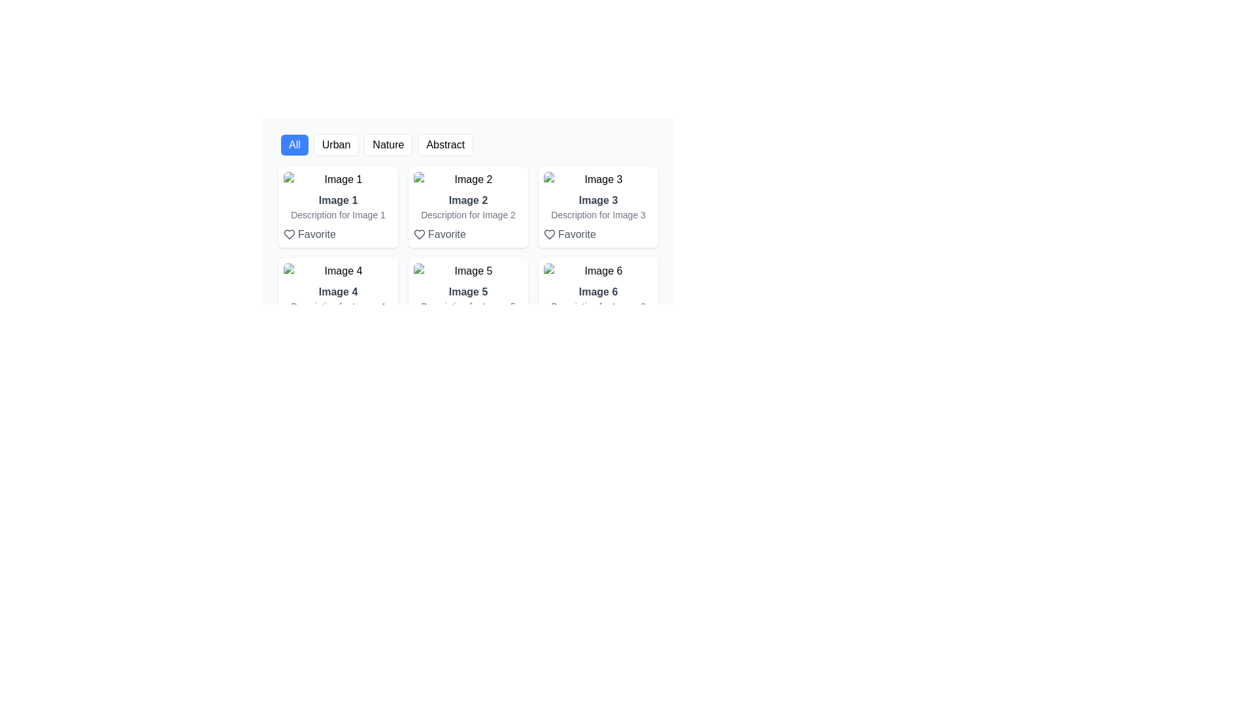  Describe the element at coordinates (309, 233) in the screenshot. I see `the interactive button to mark the associated image as a favorite, located under the 'Description for Image 1' text in the first column of the grid` at that location.